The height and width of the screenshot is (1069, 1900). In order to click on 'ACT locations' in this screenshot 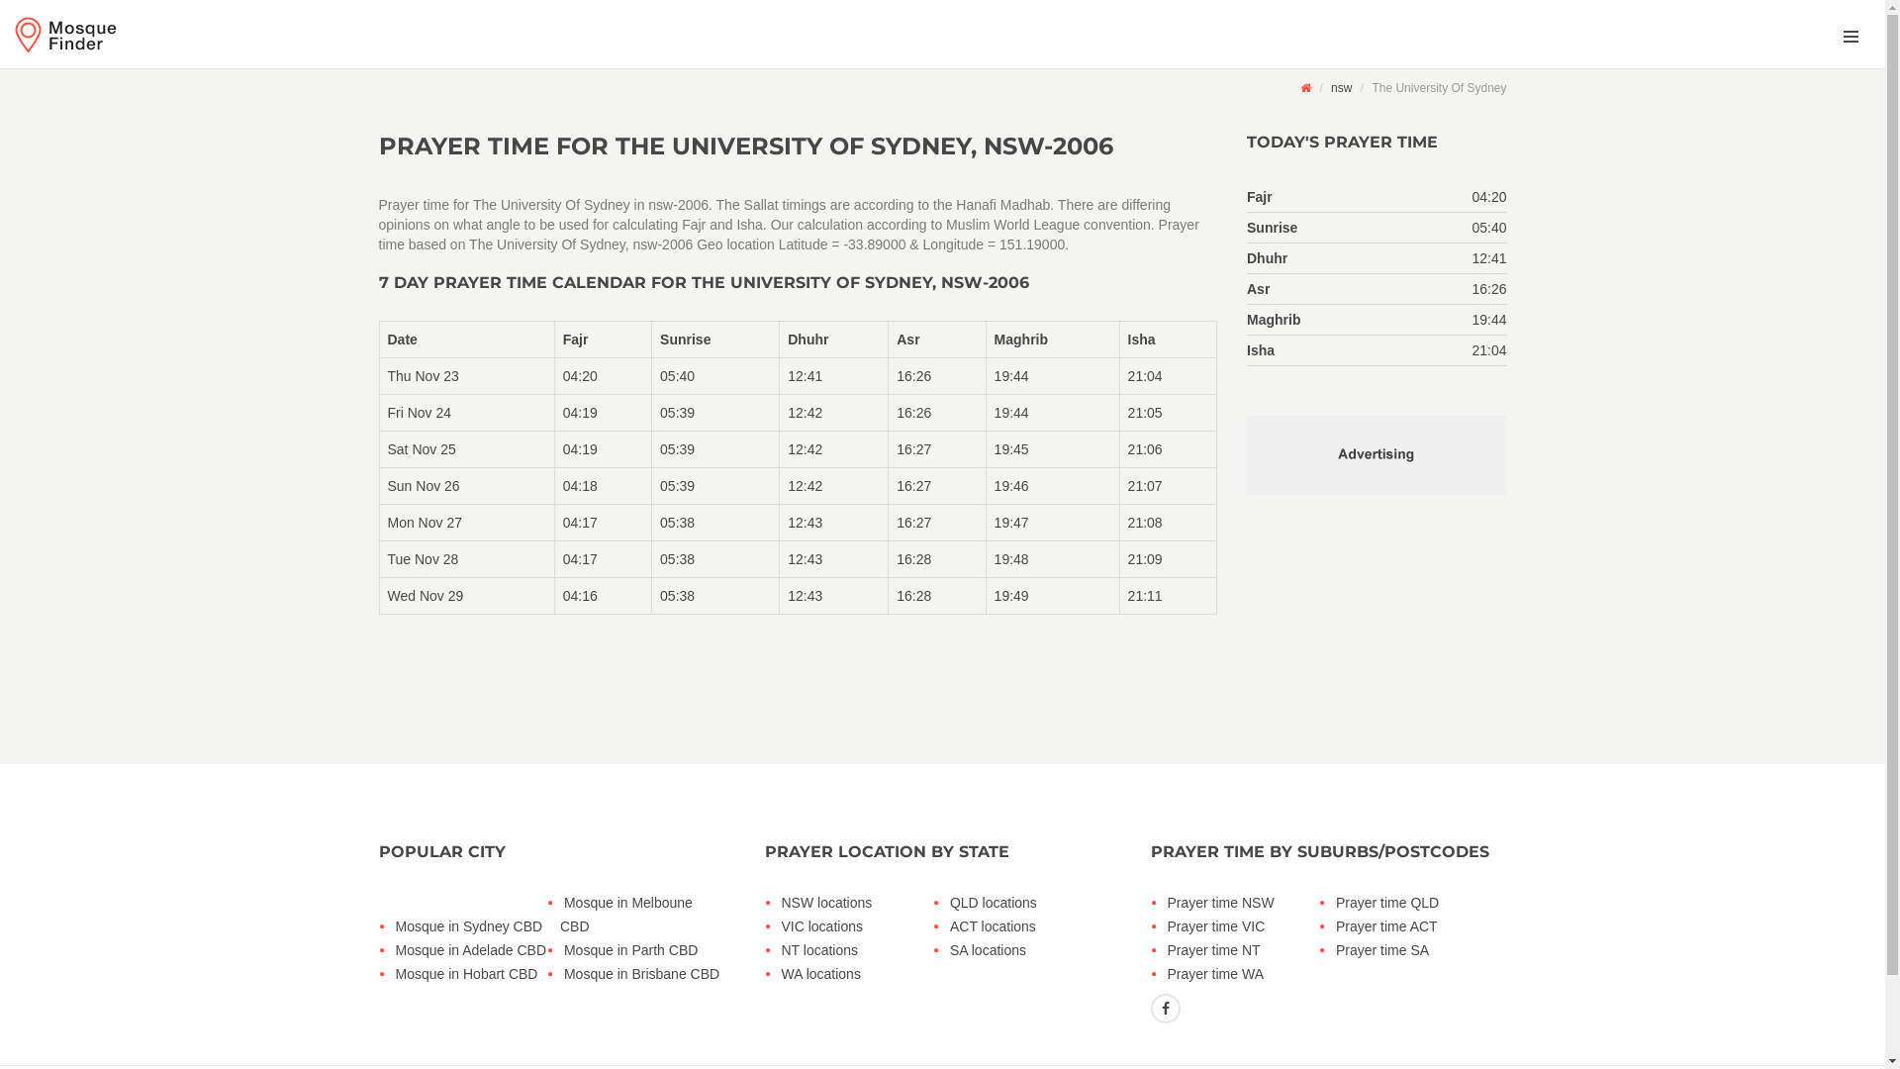, I will do `click(1028, 926)`.